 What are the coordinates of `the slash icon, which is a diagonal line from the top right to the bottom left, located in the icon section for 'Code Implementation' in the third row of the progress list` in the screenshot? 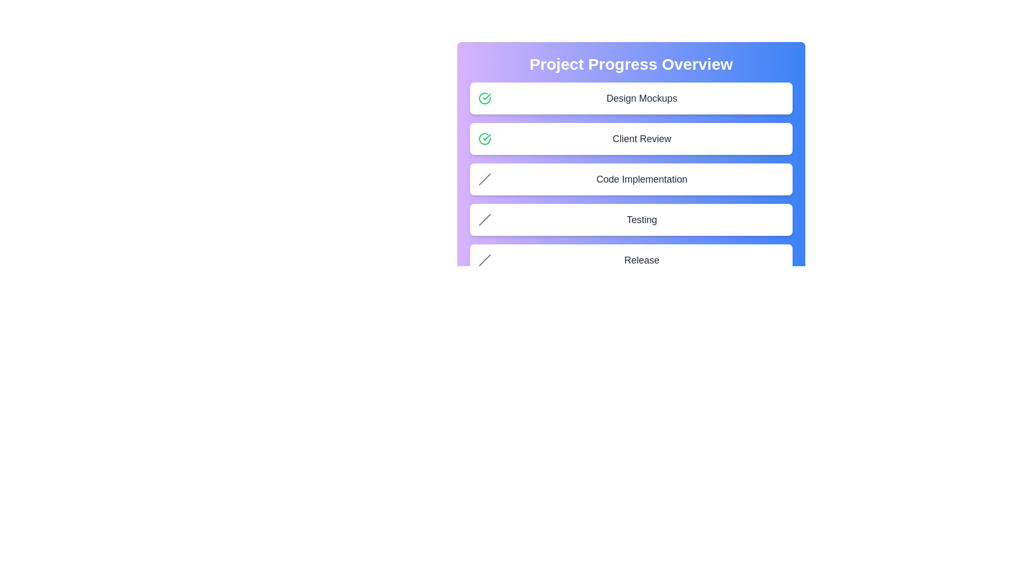 It's located at (484, 178).